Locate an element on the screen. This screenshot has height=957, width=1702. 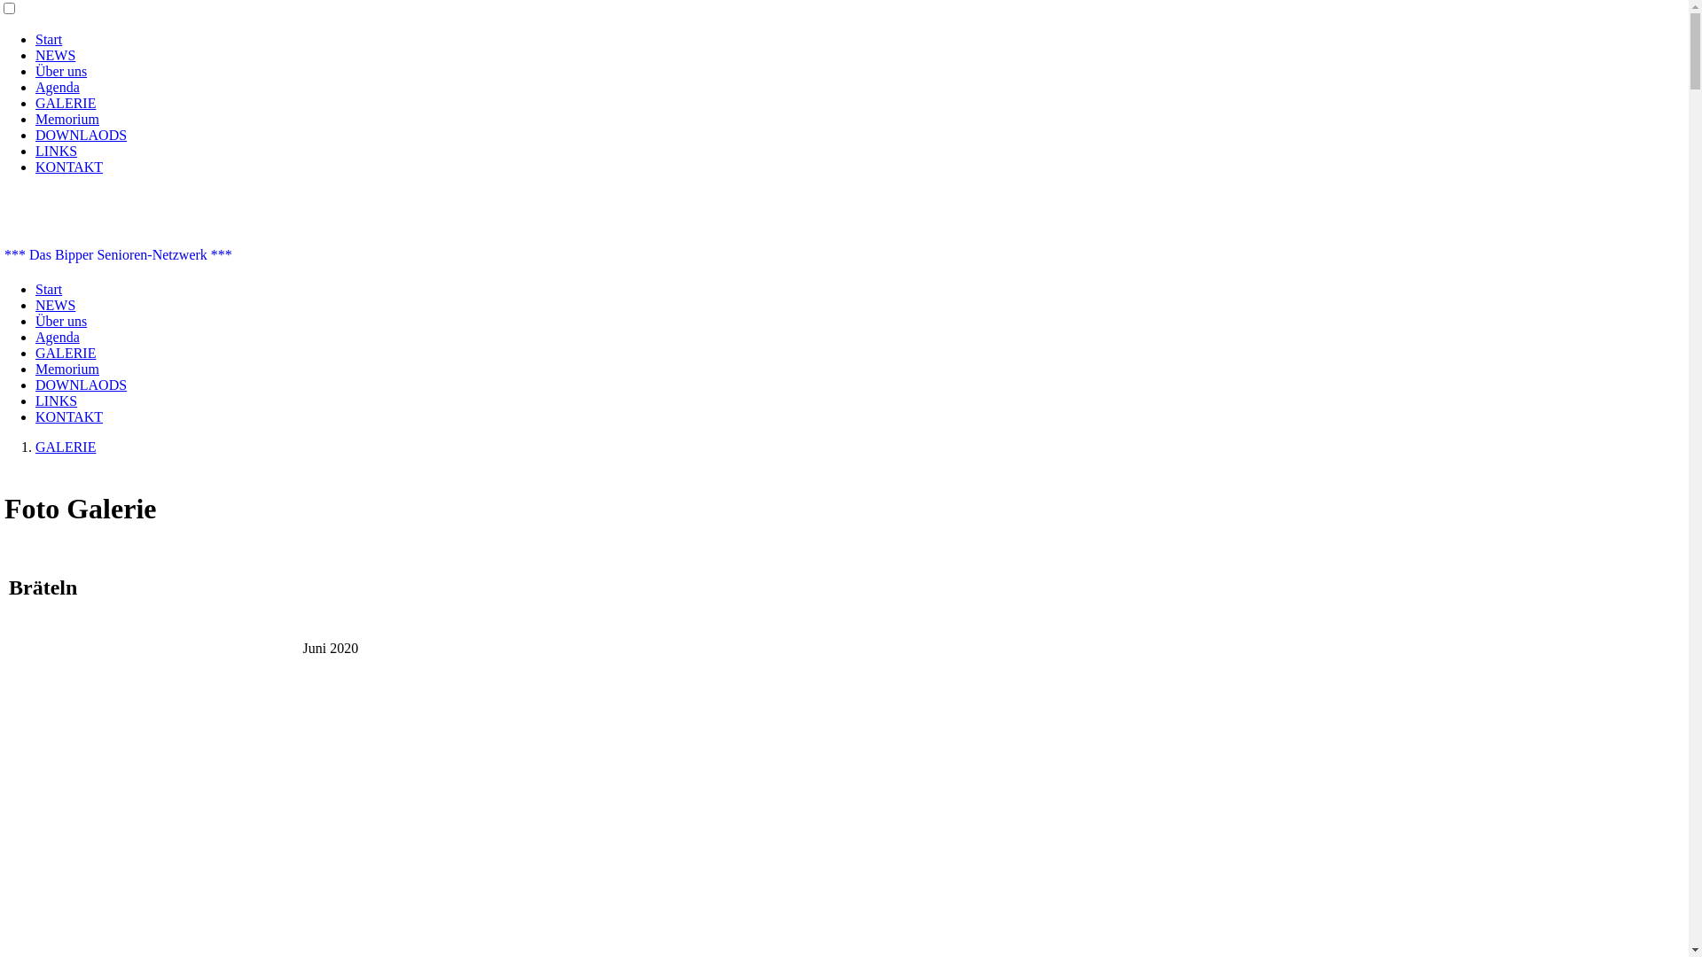
'DOWNLAODS' is located at coordinates (80, 134).